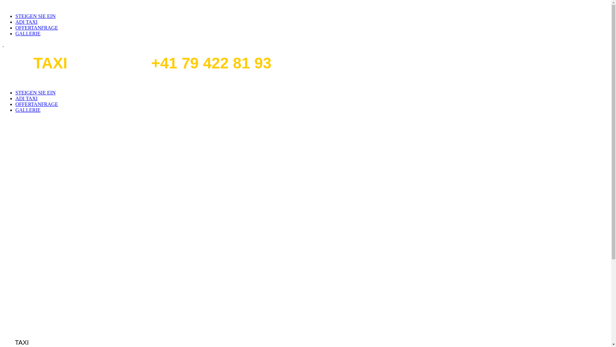 This screenshot has width=616, height=347. Describe the element at coordinates (26, 98) in the screenshot. I see `'ADI TAXI'` at that location.